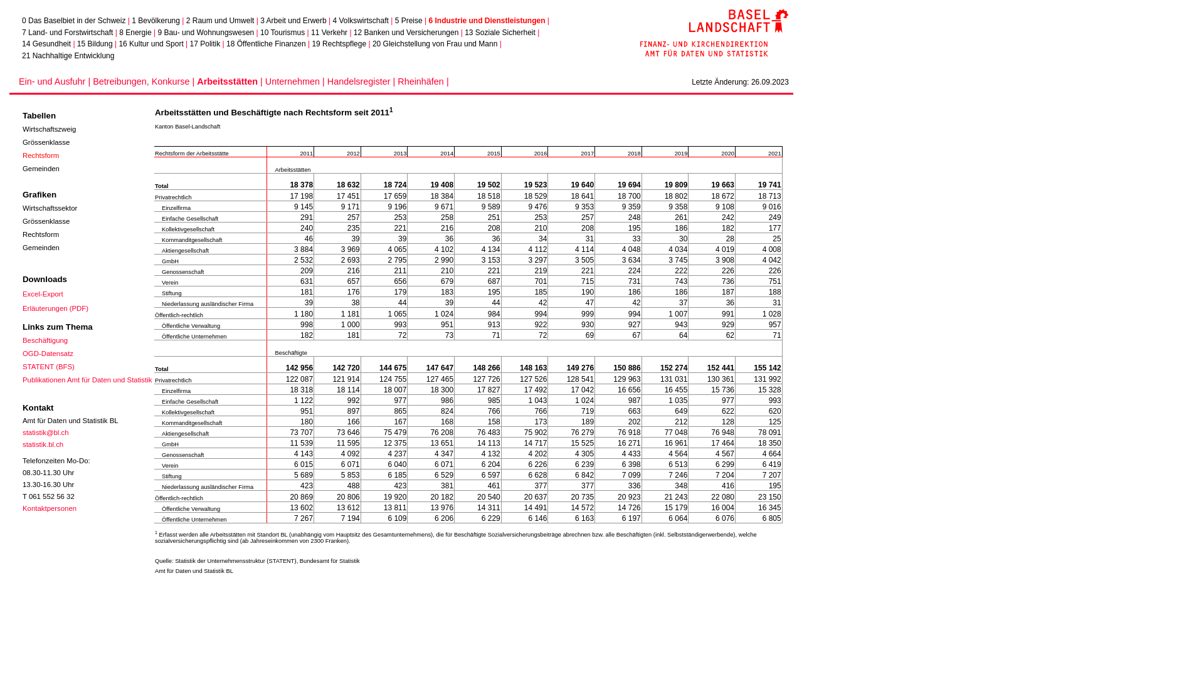 Image resolution: width=1204 pixels, height=677 pixels. What do you see at coordinates (48, 355) in the screenshot?
I see `'OGD-Datensatz'` at bounding box center [48, 355].